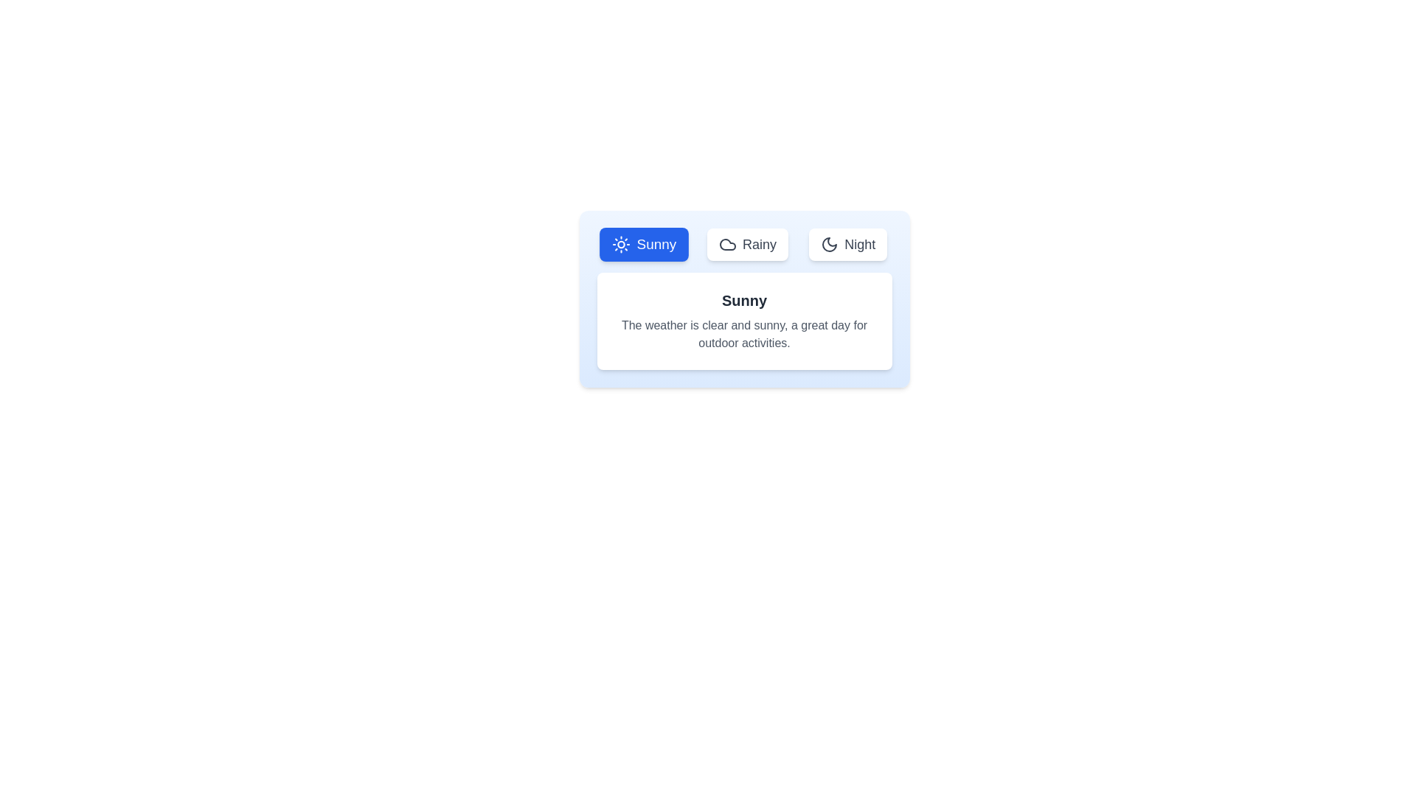  I want to click on the Night tab by clicking on its corresponding button, so click(848, 243).